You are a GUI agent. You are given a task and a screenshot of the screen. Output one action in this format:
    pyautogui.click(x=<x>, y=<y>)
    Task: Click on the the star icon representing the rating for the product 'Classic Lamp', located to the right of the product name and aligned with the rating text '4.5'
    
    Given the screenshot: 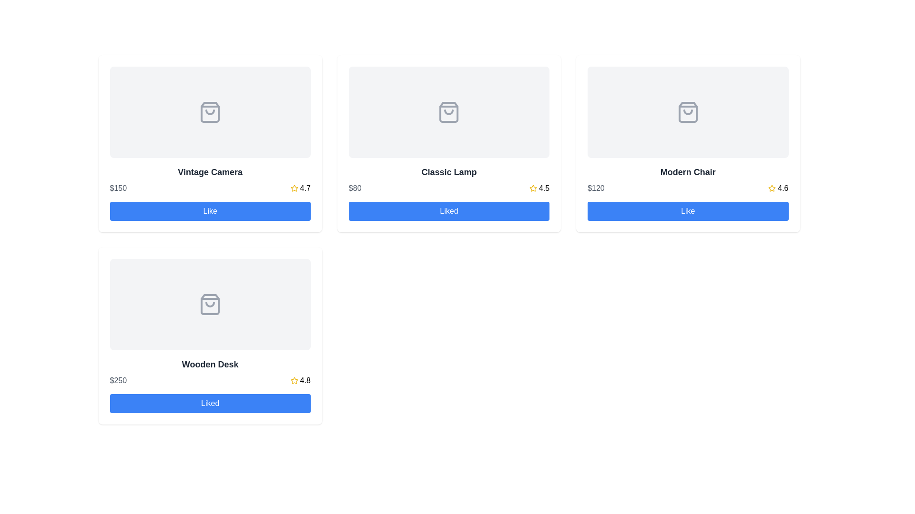 What is the action you would take?
    pyautogui.click(x=532, y=188)
    